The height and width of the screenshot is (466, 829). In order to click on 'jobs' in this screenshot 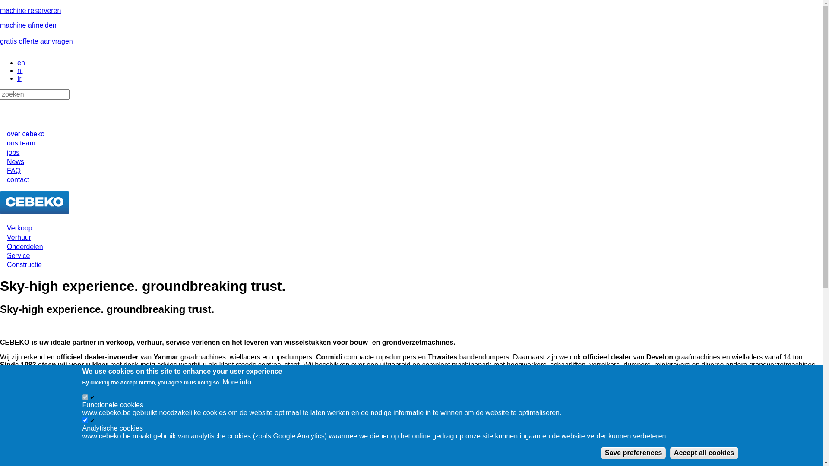, I will do `click(13, 152)`.